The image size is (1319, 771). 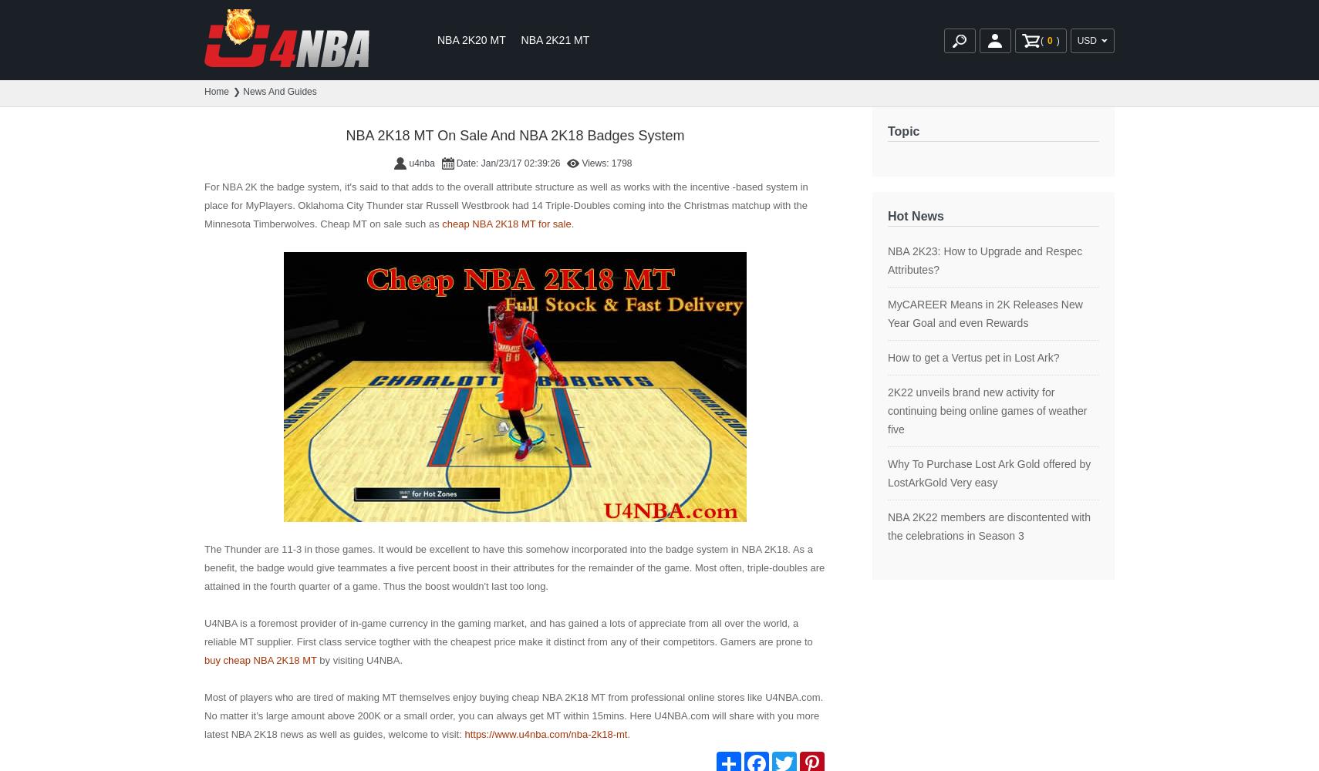 I want to click on 'Why To Purchase Lost Ark Gold offered by LostArkGold Very easy', so click(x=988, y=473).